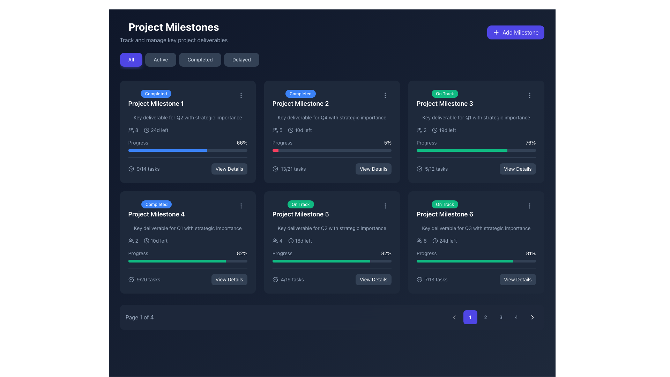  What do you see at coordinates (241, 59) in the screenshot?
I see `the fourth button from the left, located beneath the 'Project Milestones' header, to filter the projects and show only those marked as delayed` at bounding box center [241, 59].